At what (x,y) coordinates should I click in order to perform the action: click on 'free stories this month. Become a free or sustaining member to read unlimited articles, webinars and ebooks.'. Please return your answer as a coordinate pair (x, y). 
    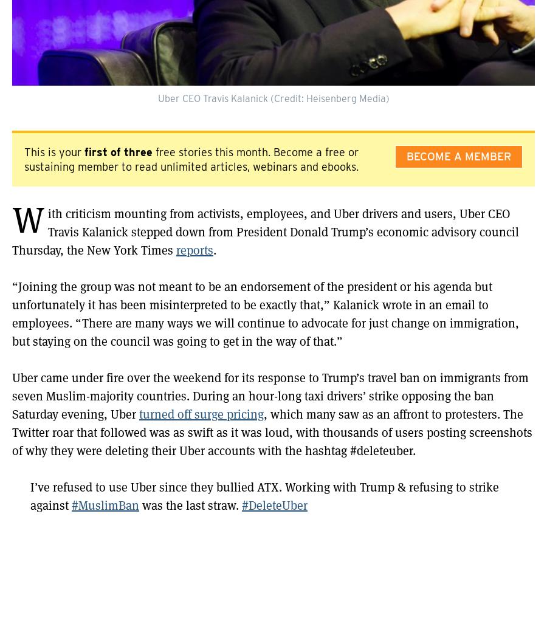
    Looking at the image, I should click on (23, 159).